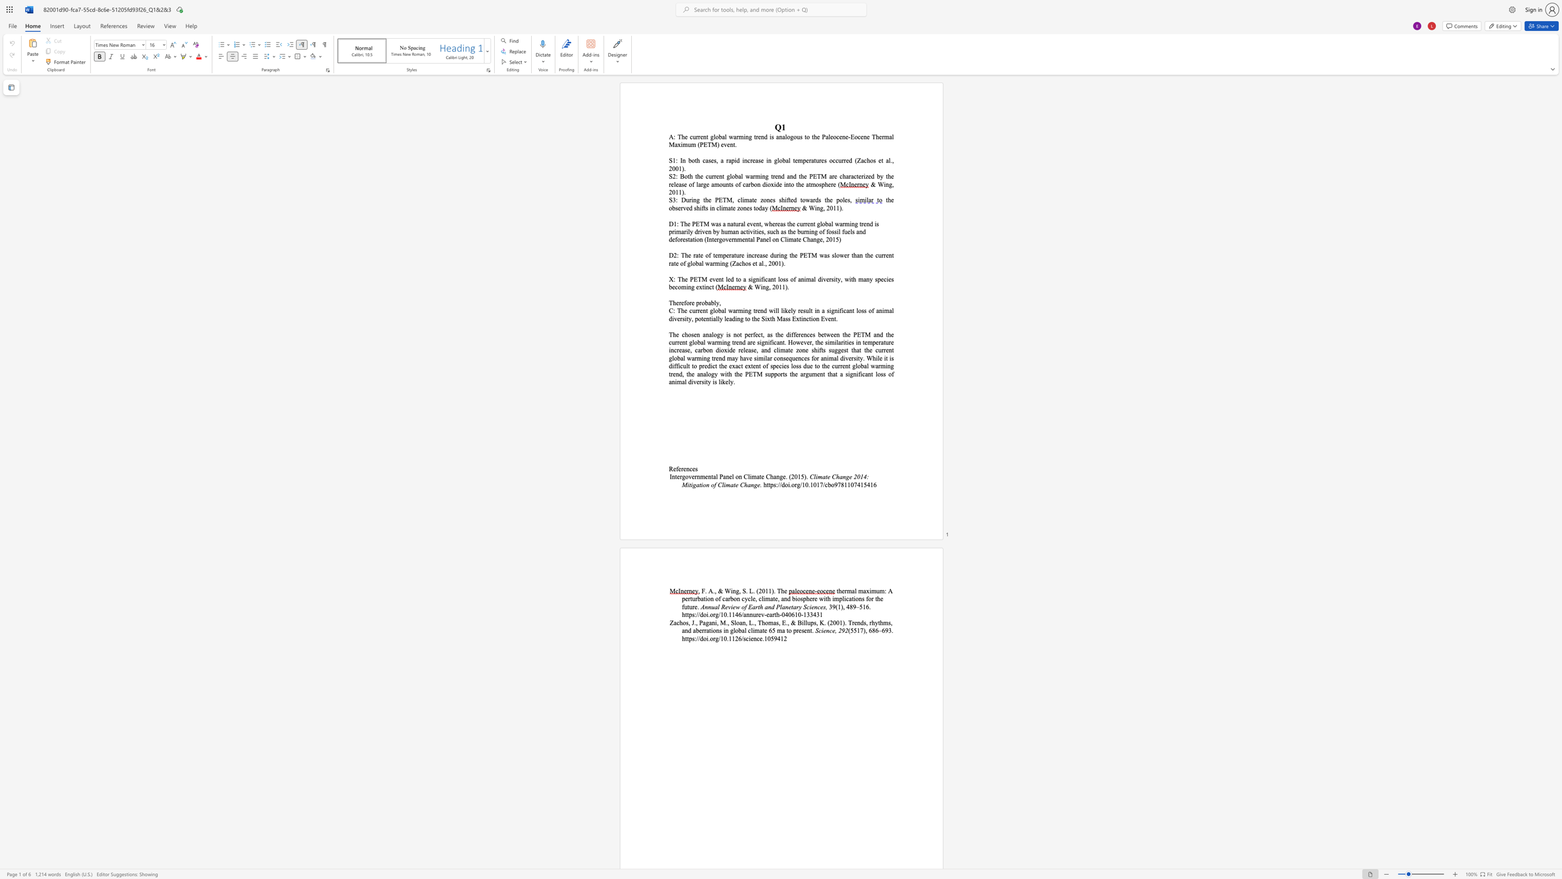 The height and width of the screenshot is (879, 1562). What do you see at coordinates (728, 207) in the screenshot?
I see `the subset text "ate zones t" within the text "the observed shifts in climate zones today ("` at bounding box center [728, 207].